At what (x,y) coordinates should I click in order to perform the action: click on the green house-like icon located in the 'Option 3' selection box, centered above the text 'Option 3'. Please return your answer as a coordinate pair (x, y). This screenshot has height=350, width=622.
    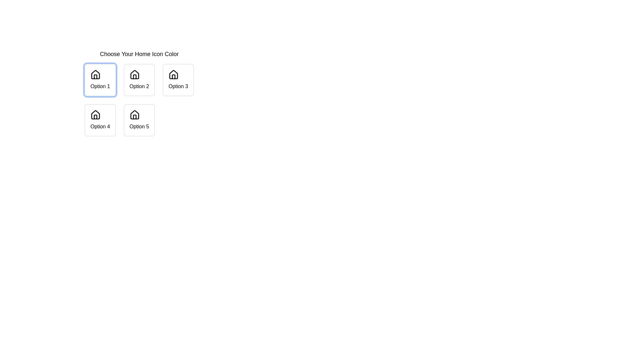
    Looking at the image, I should click on (174, 75).